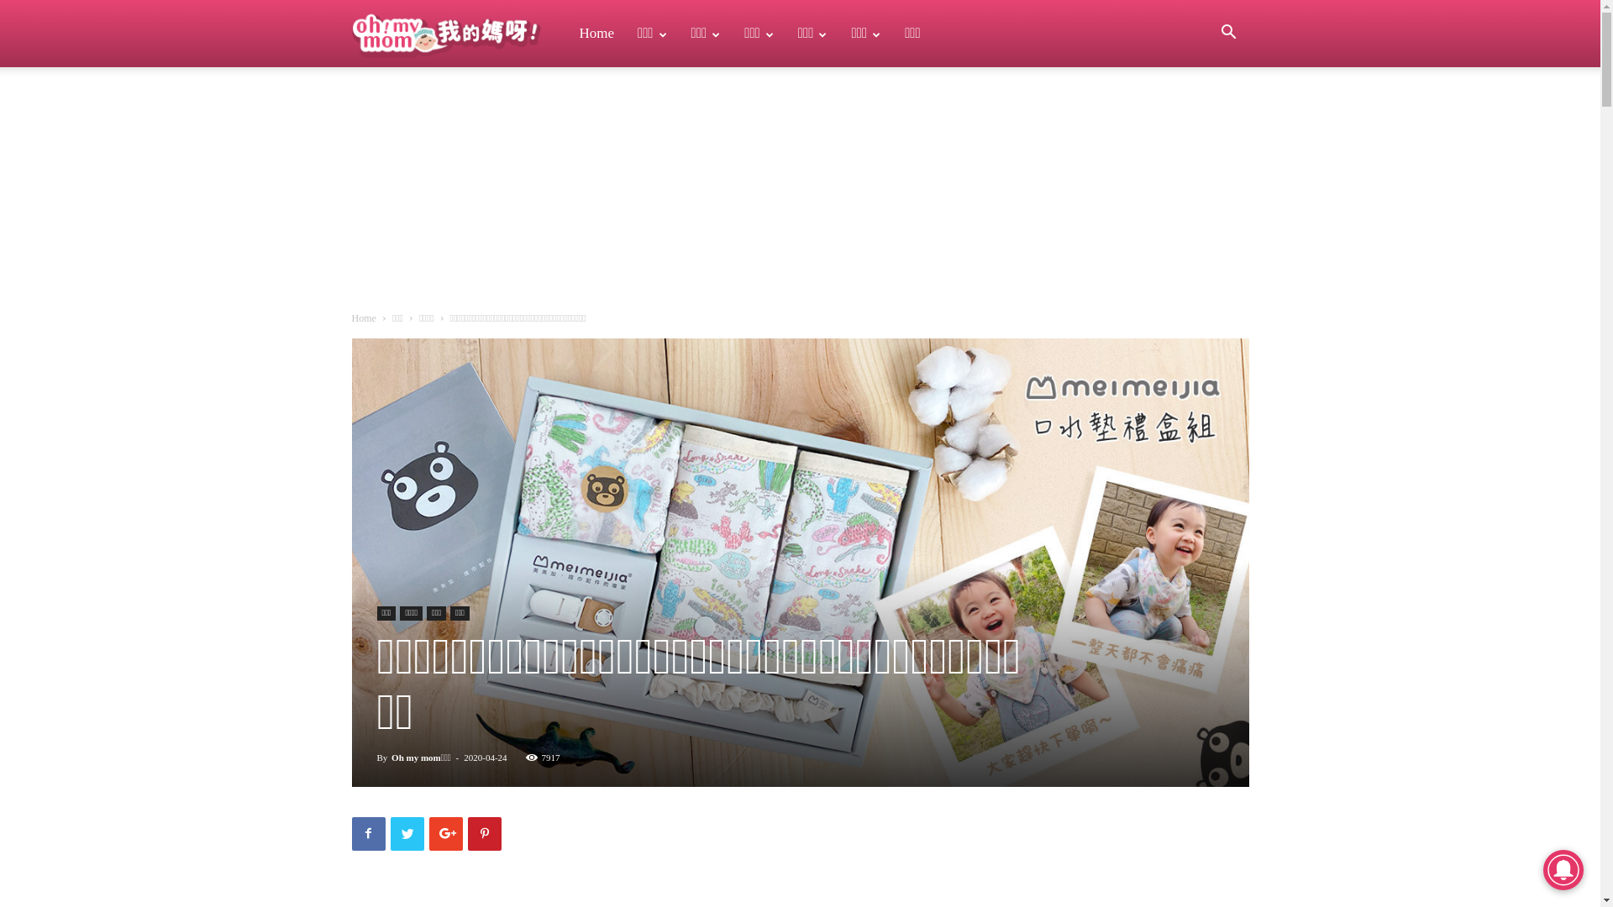 Image resolution: width=1613 pixels, height=907 pixels. I want to click on 'Home', so click(596, 33).